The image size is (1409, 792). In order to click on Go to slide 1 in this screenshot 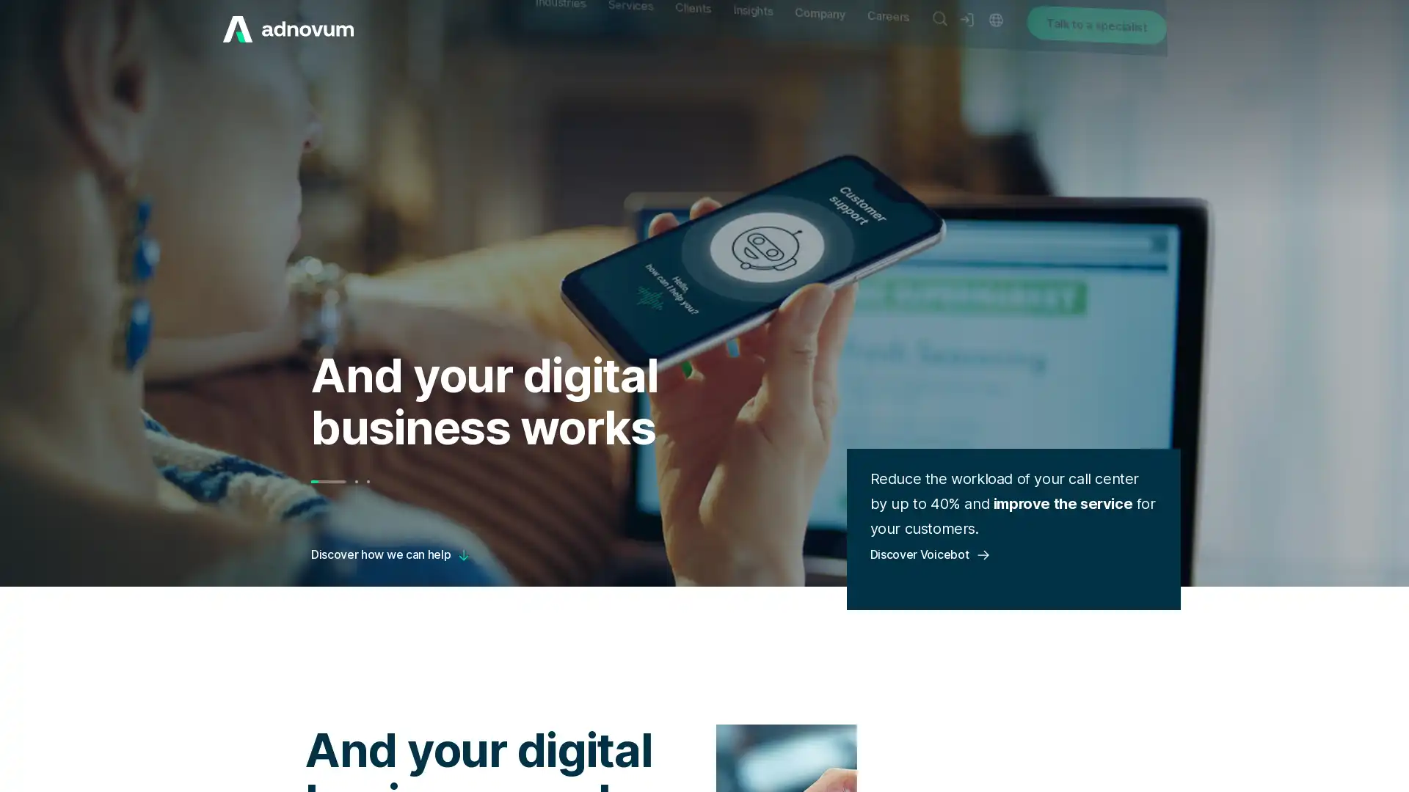, I will do `click(311, 481)`.